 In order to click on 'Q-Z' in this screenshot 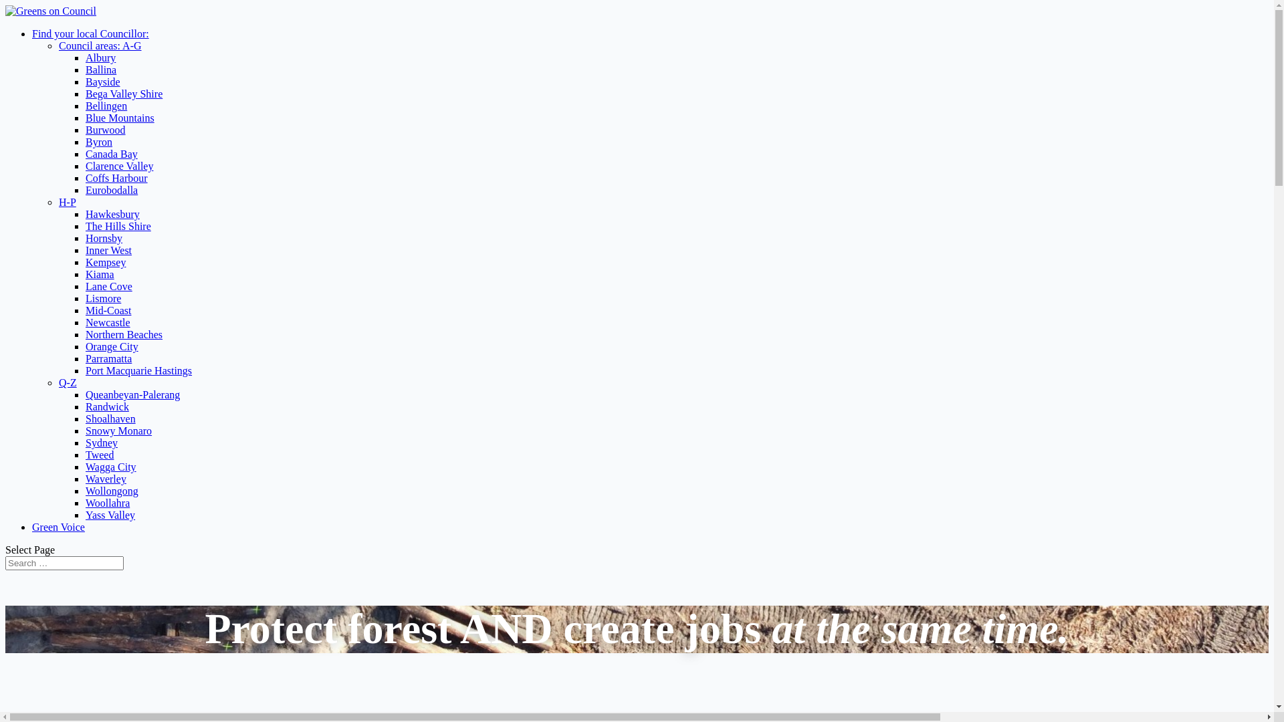, I will do `click(58, 382)`.